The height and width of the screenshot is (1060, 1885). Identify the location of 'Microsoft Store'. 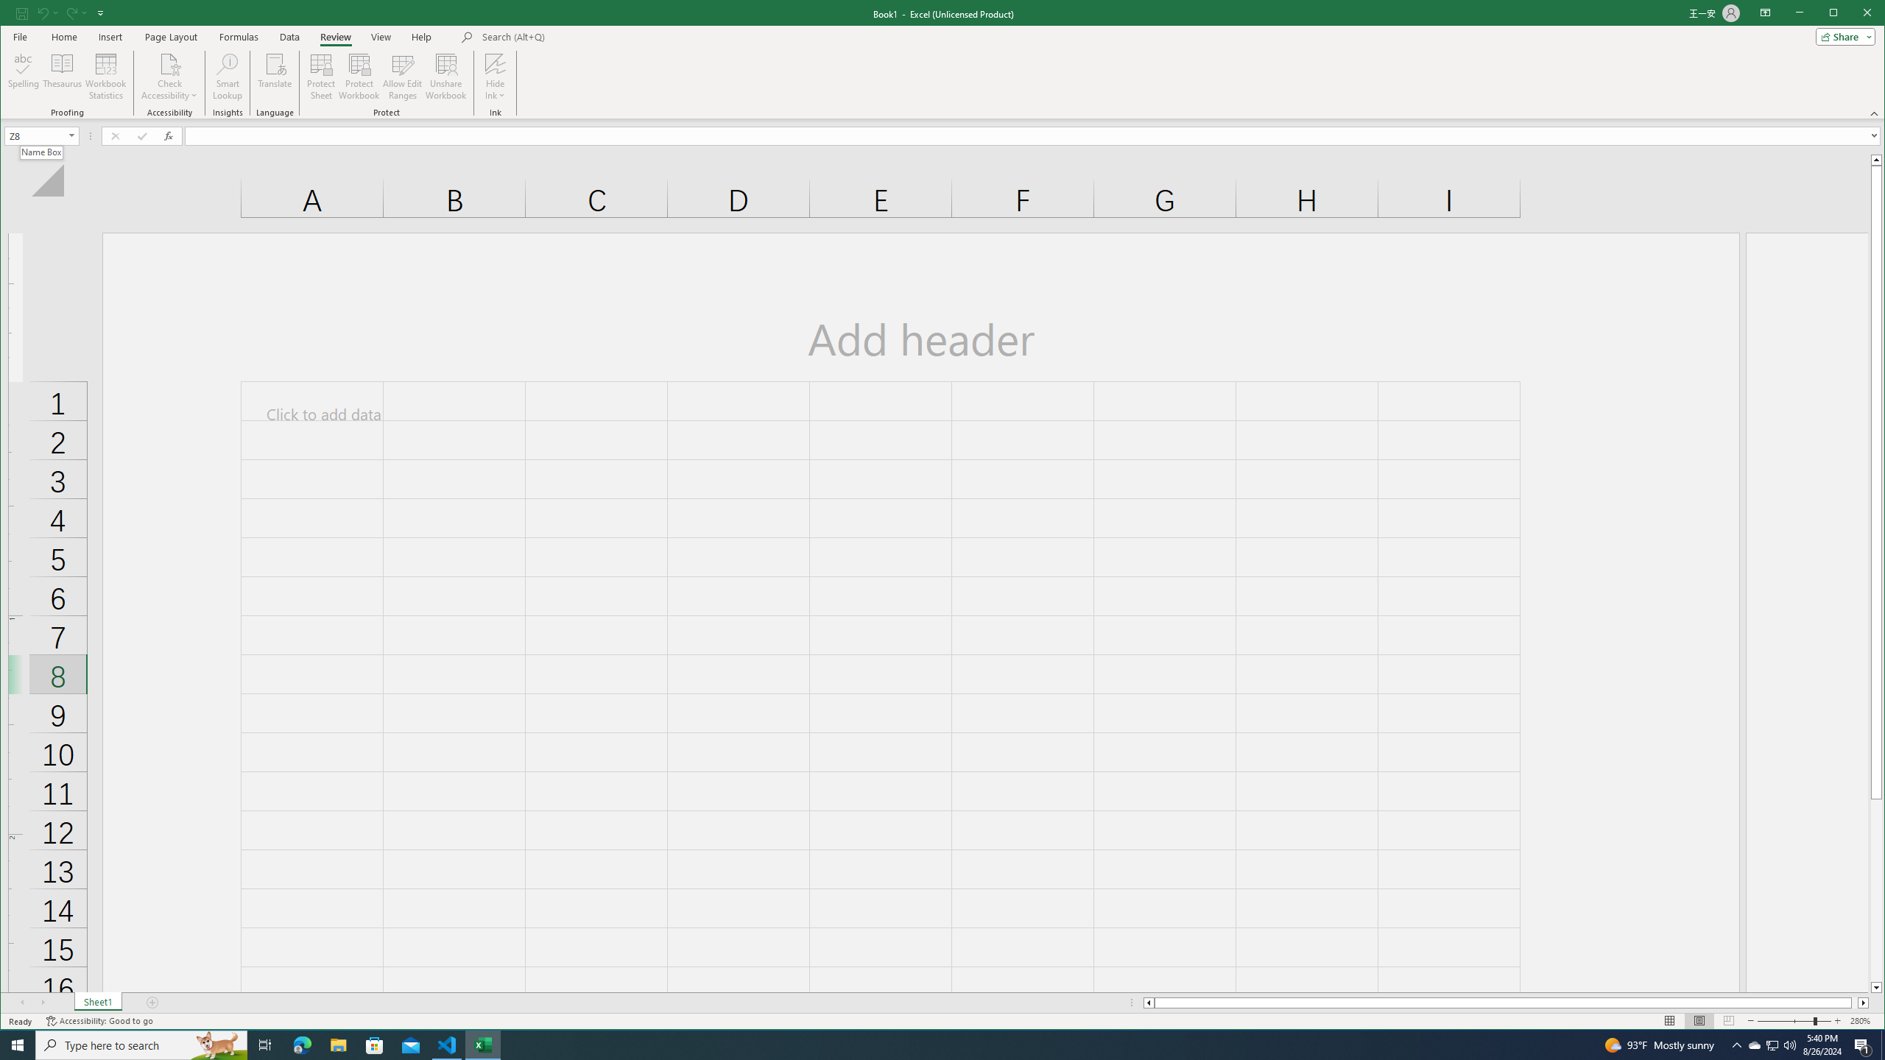
(375, 1044).